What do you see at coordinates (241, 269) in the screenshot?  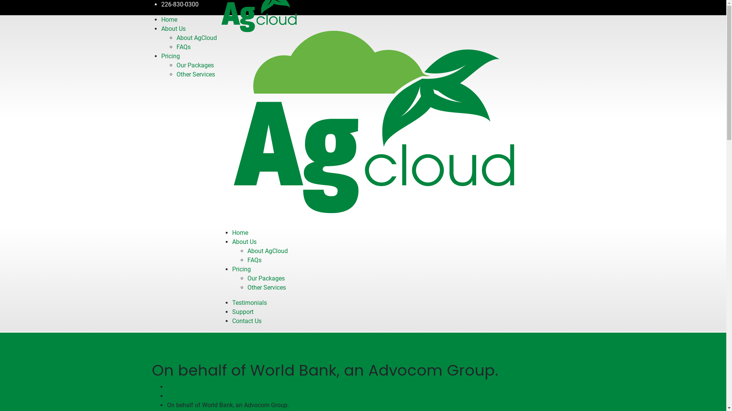 I see `'Pricing'` at bounding box center [241, 269].